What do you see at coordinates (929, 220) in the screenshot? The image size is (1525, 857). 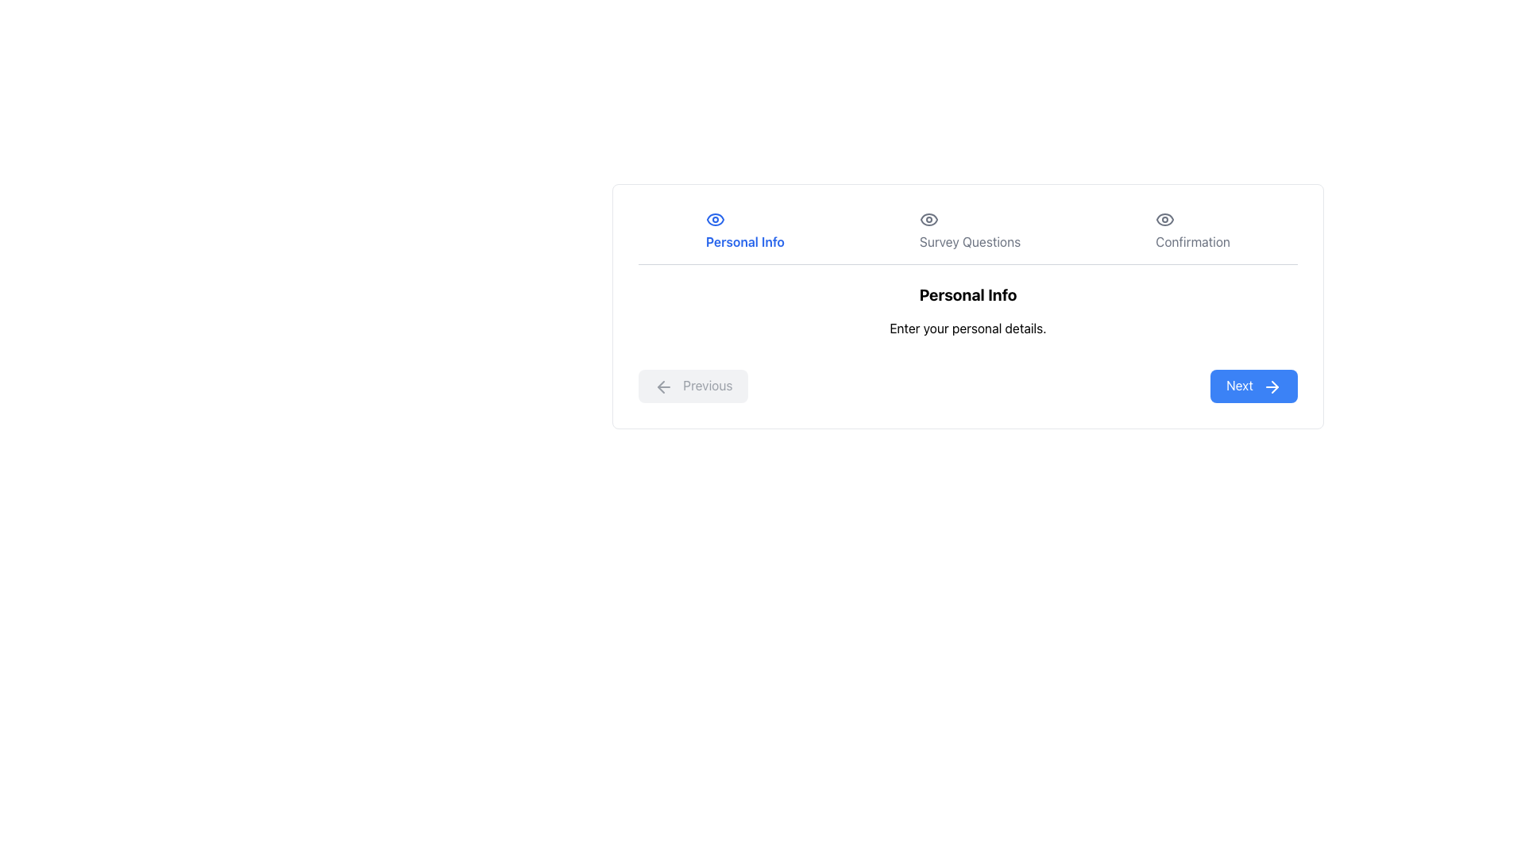 I see `the eye-like icon with a circular center and elliptical outline, positioned above the text 'Survey Questions'` at bounding box center [929, 220].